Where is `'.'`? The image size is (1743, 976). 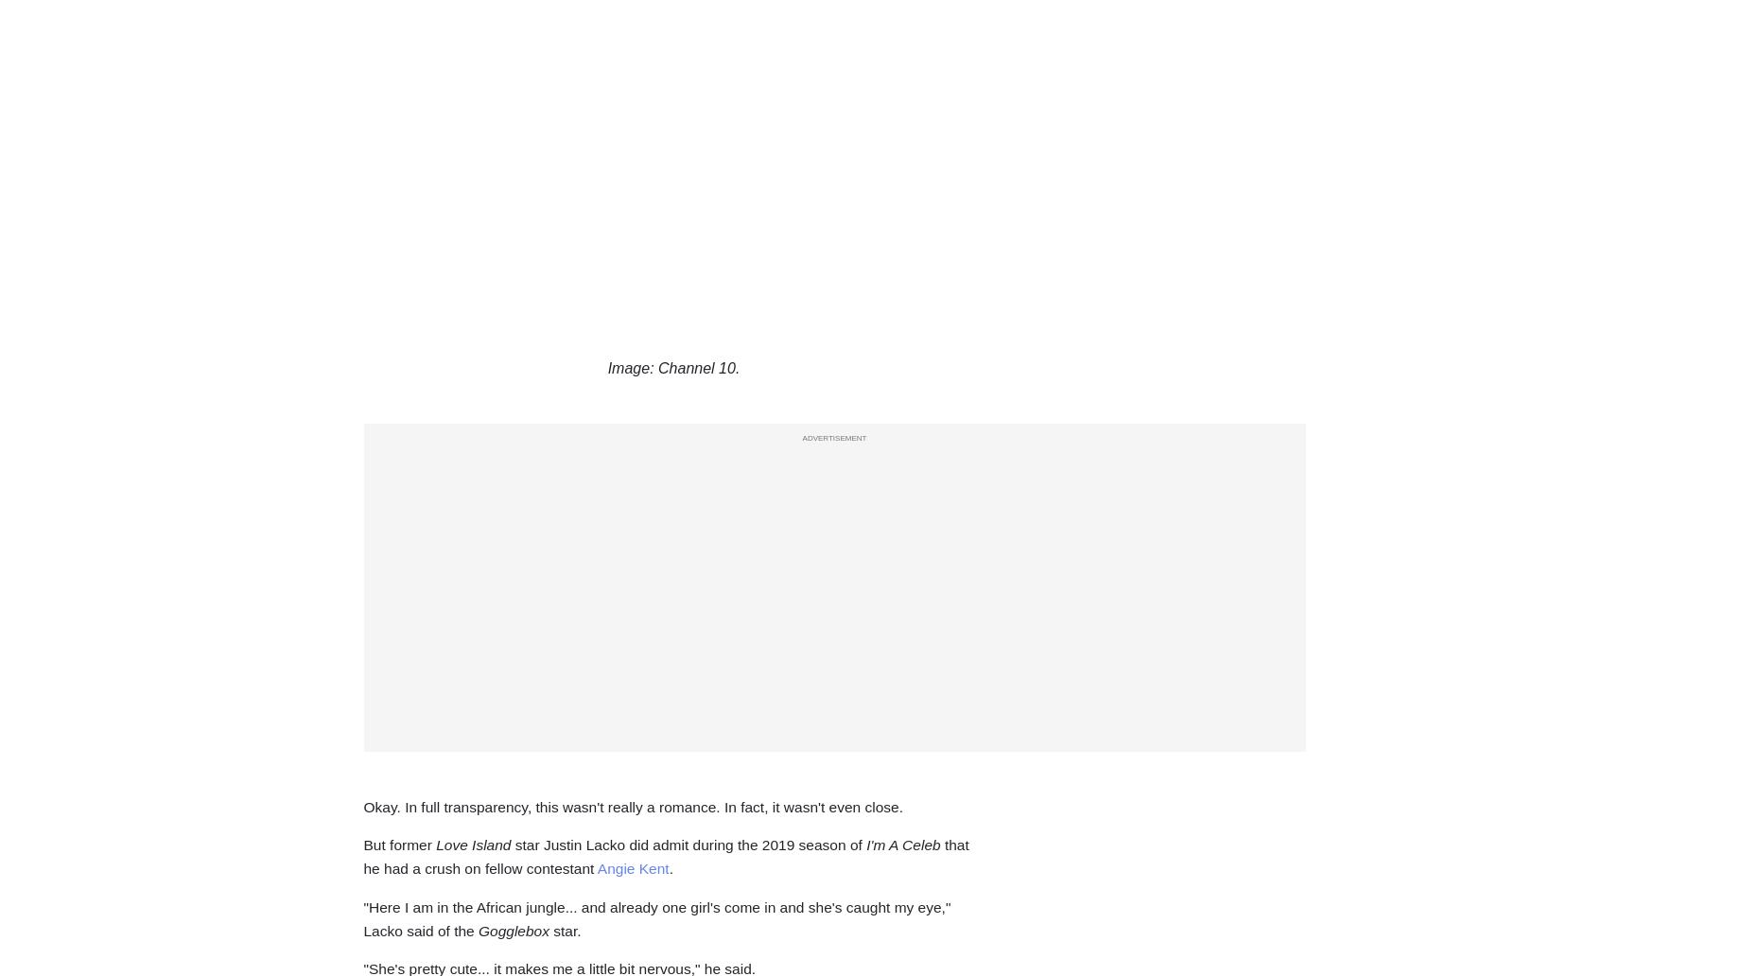
'.' is located at coordinates (670, 867).